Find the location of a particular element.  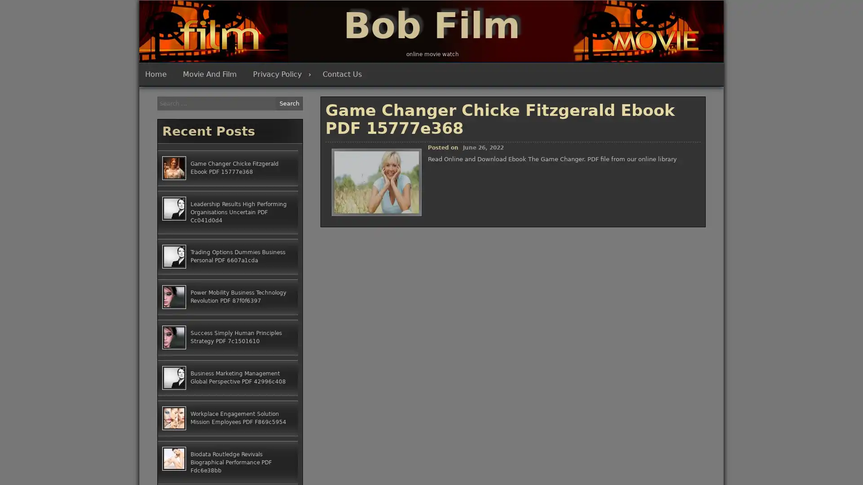

Search is located at coordinates (289, 103).